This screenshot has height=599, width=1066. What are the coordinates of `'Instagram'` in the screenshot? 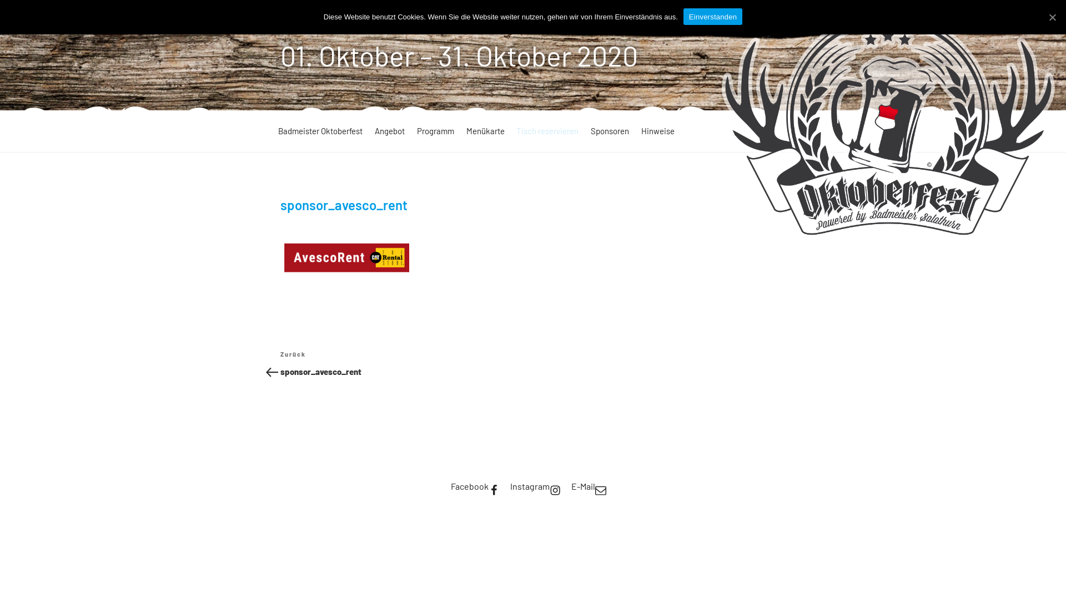 It's located at (535, 485).